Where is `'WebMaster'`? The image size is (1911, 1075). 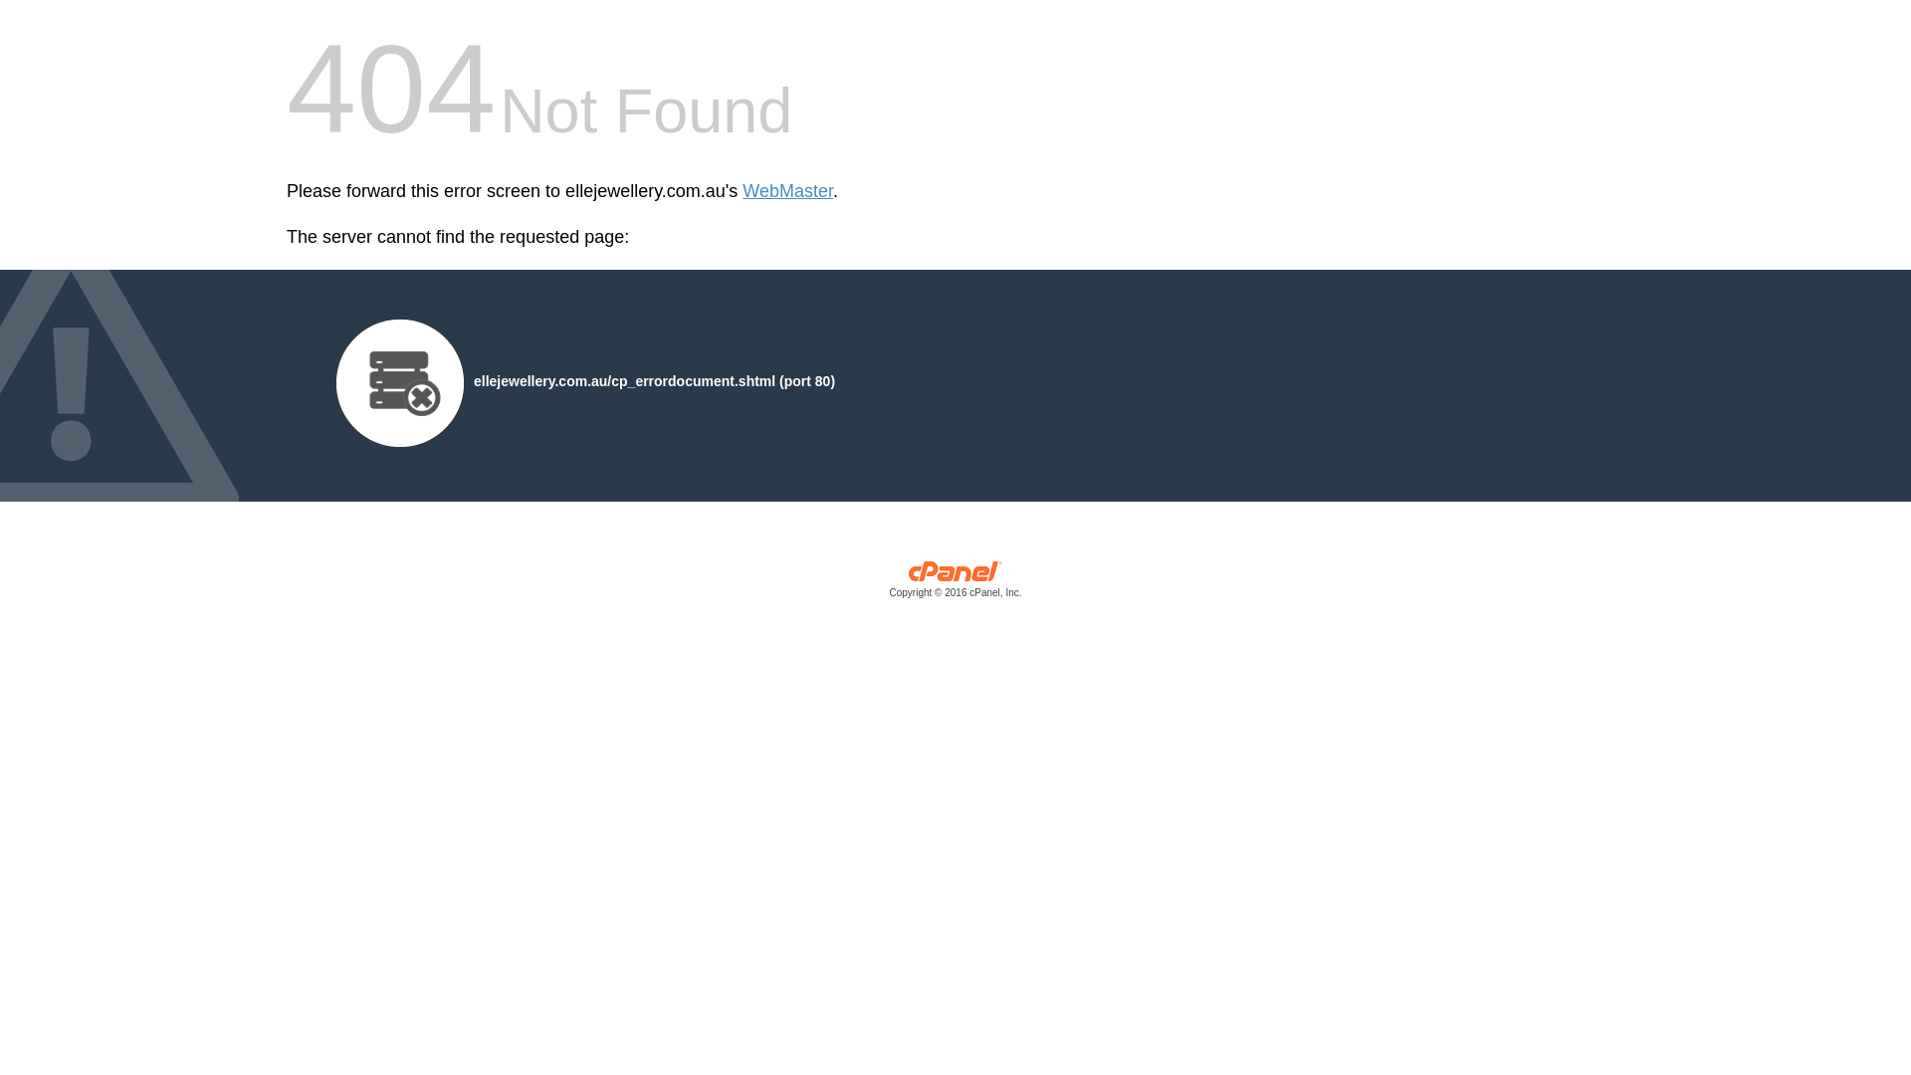
'WebMaster' is located at coordinates (786, 191).